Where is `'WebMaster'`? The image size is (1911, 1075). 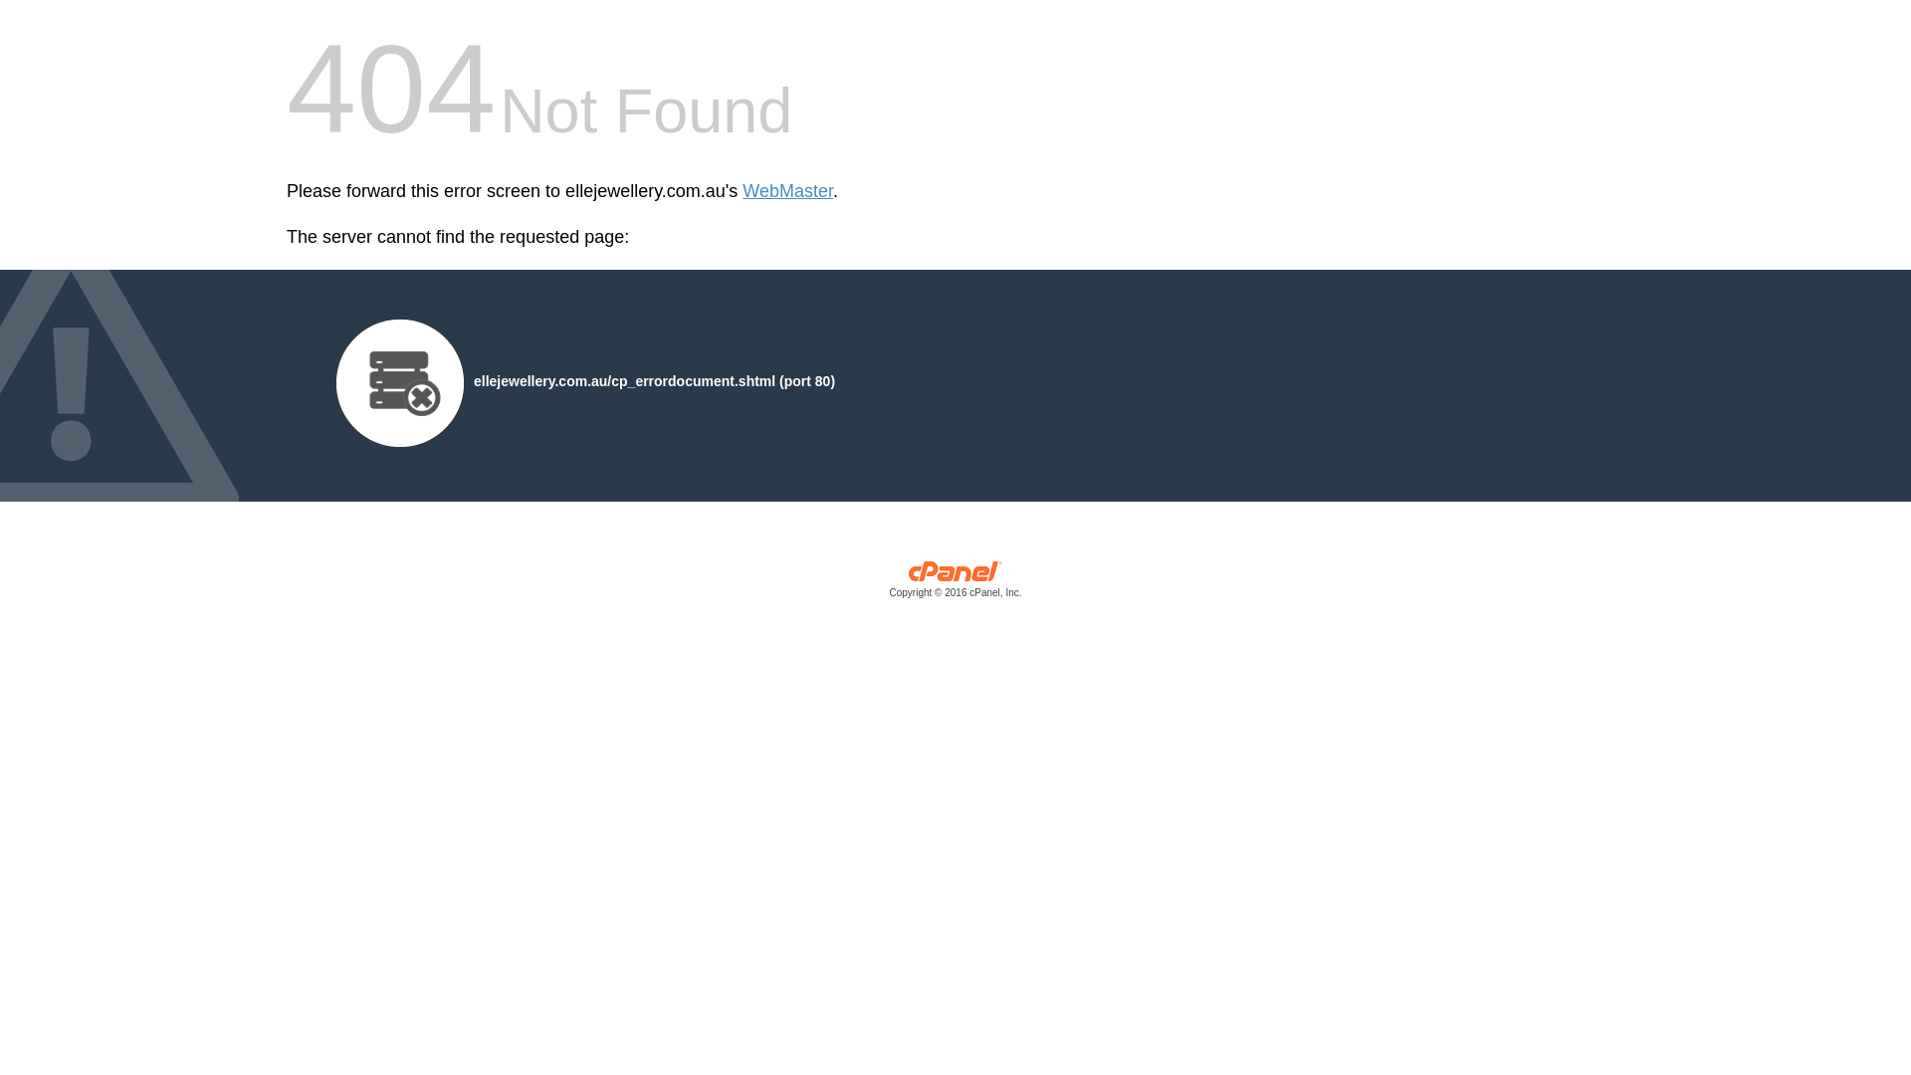
'WebMaster' is located at coordinates (786, 191).